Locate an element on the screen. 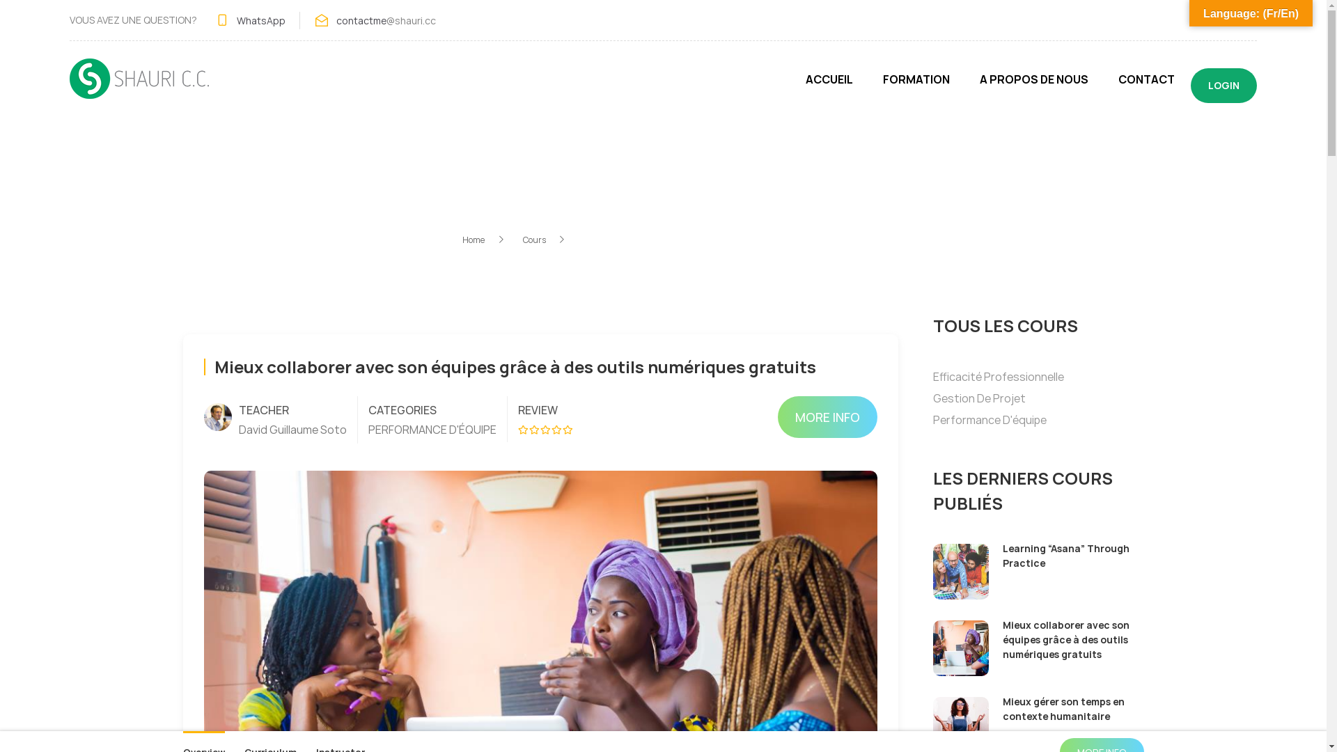 The width and height of the screenshot is (1337, 752). 'FORMATION' is located at coordinates (916, 86).